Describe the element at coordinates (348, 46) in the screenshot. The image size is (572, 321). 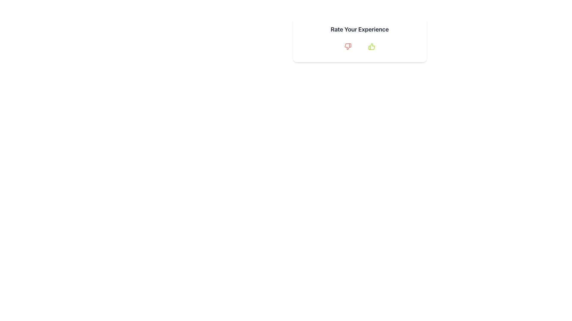
I see `the red thumbs-down icon located below the text 'Rate Your Experience' and to the left of the green thumbs-up icon` at that location.